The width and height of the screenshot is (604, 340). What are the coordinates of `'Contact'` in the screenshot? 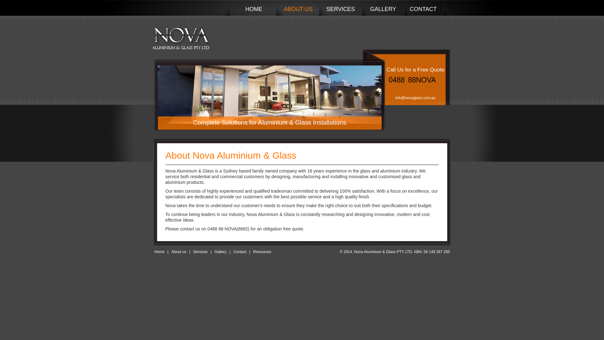 It's located at (239, 251).